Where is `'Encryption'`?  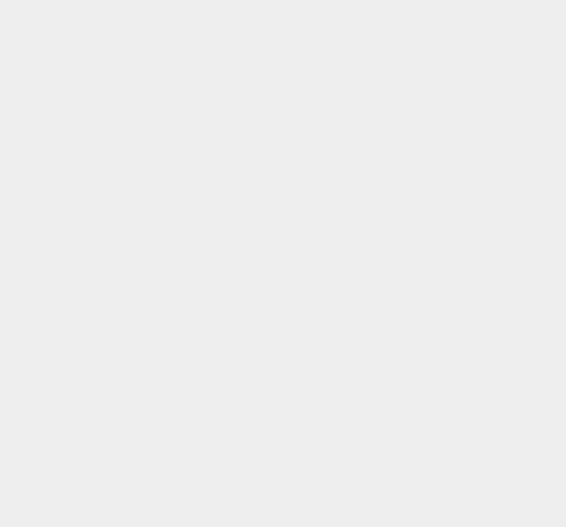 'Encryption' is located at coordinates (416, 164).